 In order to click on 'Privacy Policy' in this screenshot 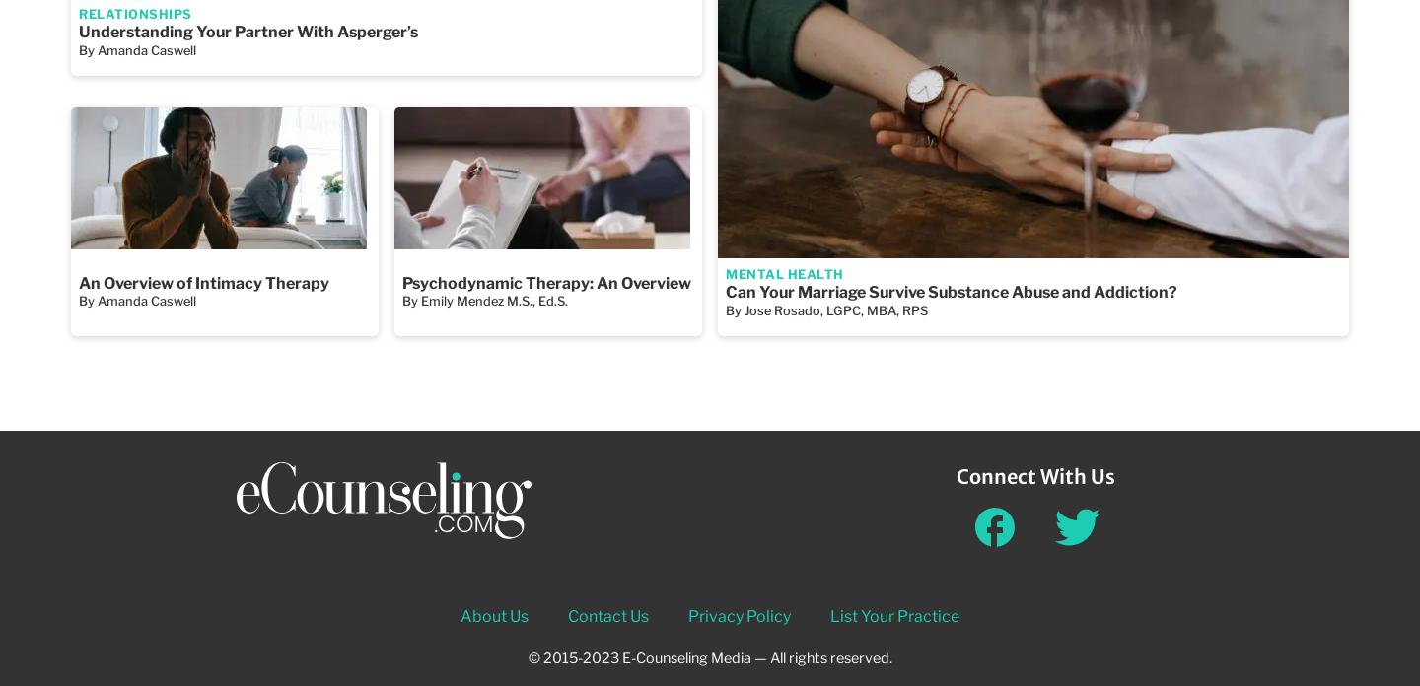, I will do `click(687, 614)`.